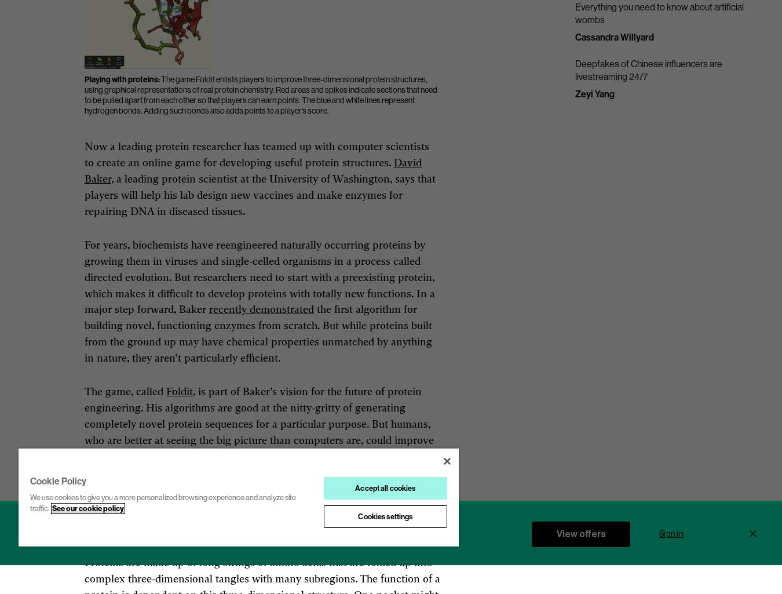 This screenshot has height=594, width=782. I want to click on 'For years, biochemists have reengineered naturally occurring proteins by growing them in viruses and single-celled organisms in a process called directed evolution. But researchers need to start with a preexisting protein, which makes it difficult to develop proteins with totally new functions. In a major step forward, Baker', so click(83, 278).